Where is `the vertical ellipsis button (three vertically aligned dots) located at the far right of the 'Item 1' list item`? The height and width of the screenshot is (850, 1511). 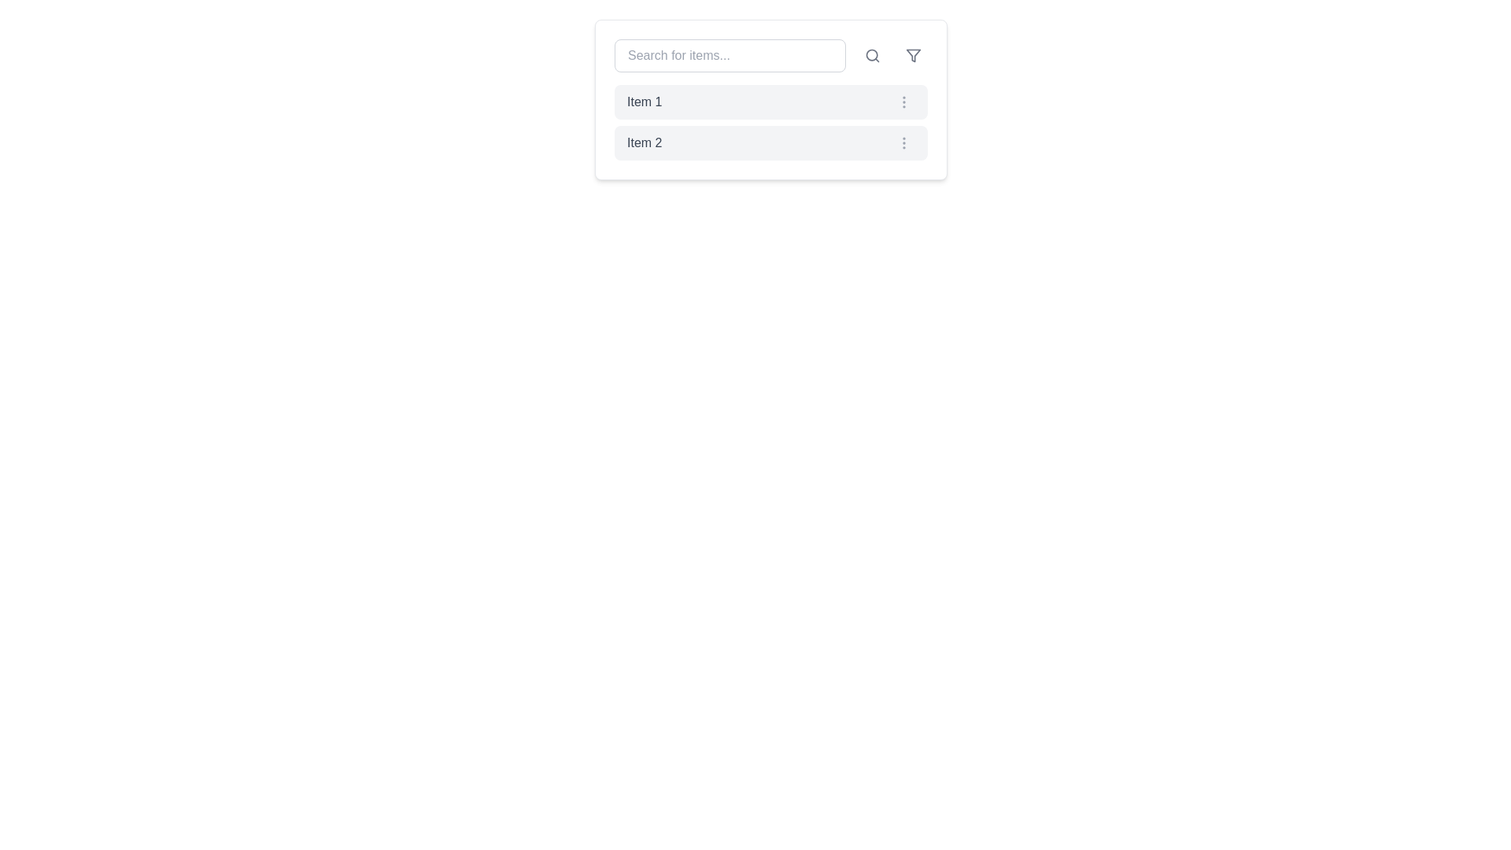 the vertical ellipsis button (three vertically aligned dots) located at the far right of the 'Item 1' list item is located at coordinates (903, 102).